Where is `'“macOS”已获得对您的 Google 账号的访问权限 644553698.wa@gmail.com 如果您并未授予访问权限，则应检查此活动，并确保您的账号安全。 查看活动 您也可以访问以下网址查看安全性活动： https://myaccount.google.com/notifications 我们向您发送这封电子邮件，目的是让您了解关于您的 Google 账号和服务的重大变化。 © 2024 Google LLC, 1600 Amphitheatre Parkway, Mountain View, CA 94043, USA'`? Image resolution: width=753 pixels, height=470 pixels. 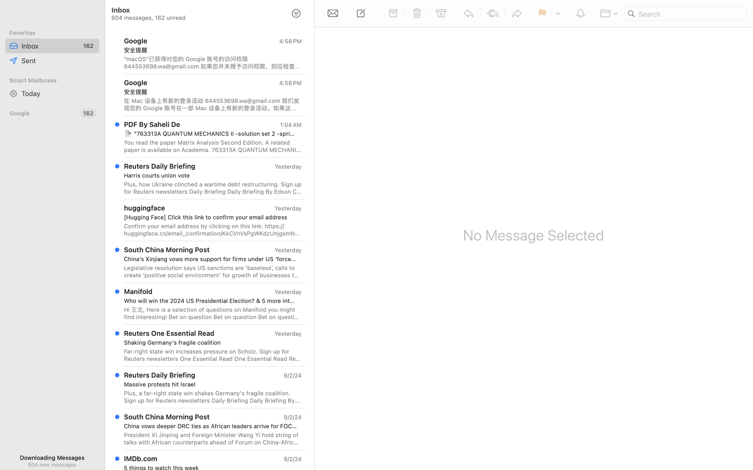 '“macOS”已获得对您的 Google 账号的访问权限 644553698.wa@gmail.com 如果您并未授予访问权限，则应检查此活动，并确保您的账号安全。 查看活动 您也可以访问以下网址查看安全性活动： https://myaccount.google.com/notifications 我们向您发送这封电子邮件，目的是让您了解关于您的 Google 账号和服务的重大变化。 © 2024 Google LLC, 1600 Amphitheatre Parkway, Mountain View, CA 94043, USA' is located at coordinates (212, 62).